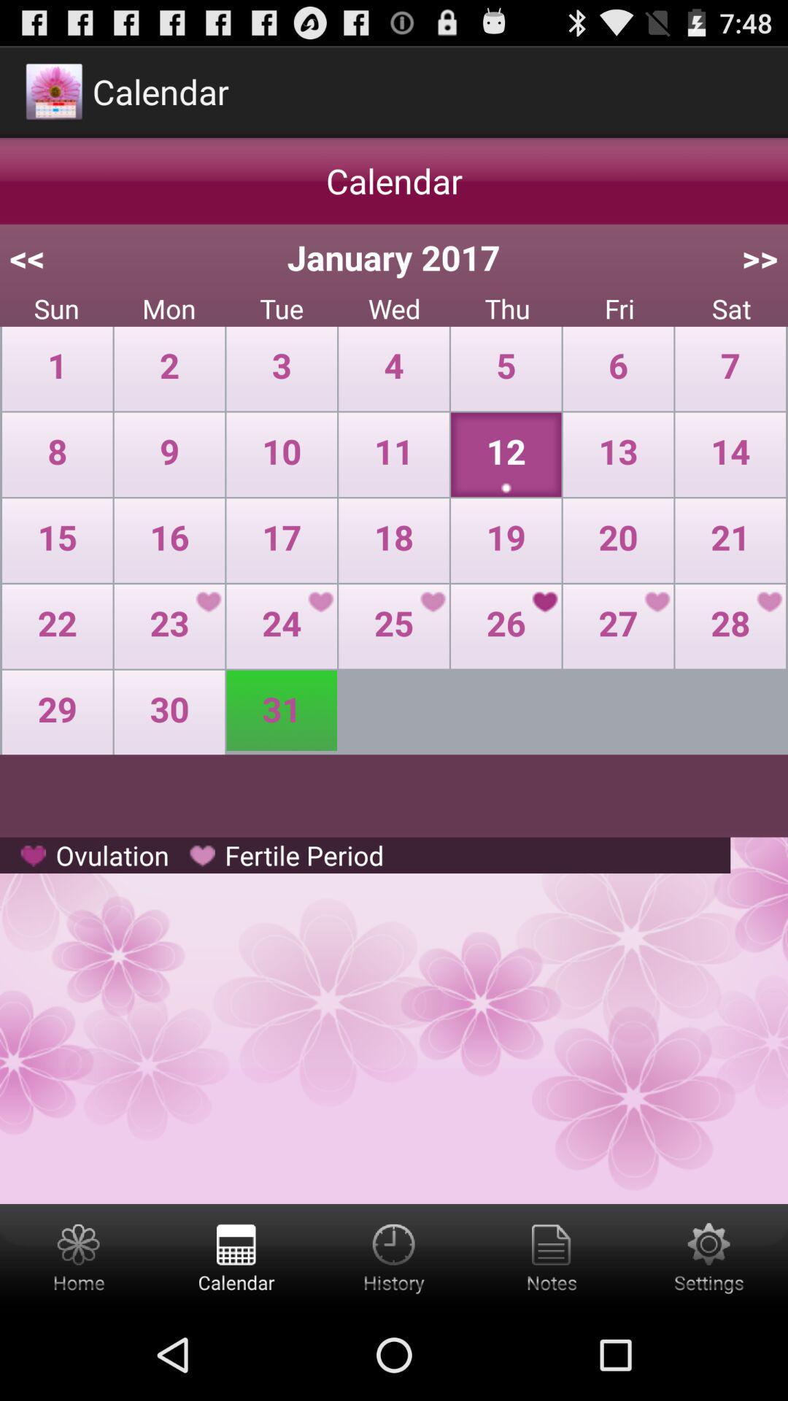 Image resolution: width=788 pixels, height=1401 pixels. I want to click on previous entries, so click(394, 1256).